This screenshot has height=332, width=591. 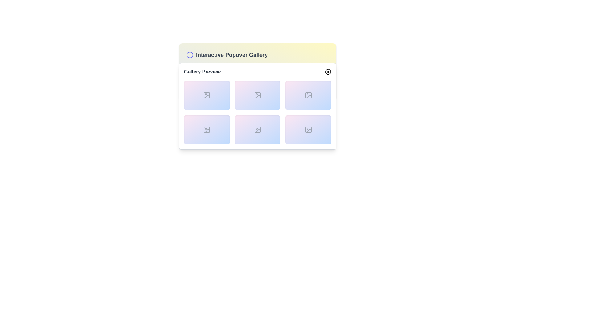 What do you see at coordinates (308, 95) in the screenshot?
I see `the visual styling of the Decorative rectangle located in the top-right corner of the SVG element within the fourth slot of the gallery grid` at bounding box center [308, 95].